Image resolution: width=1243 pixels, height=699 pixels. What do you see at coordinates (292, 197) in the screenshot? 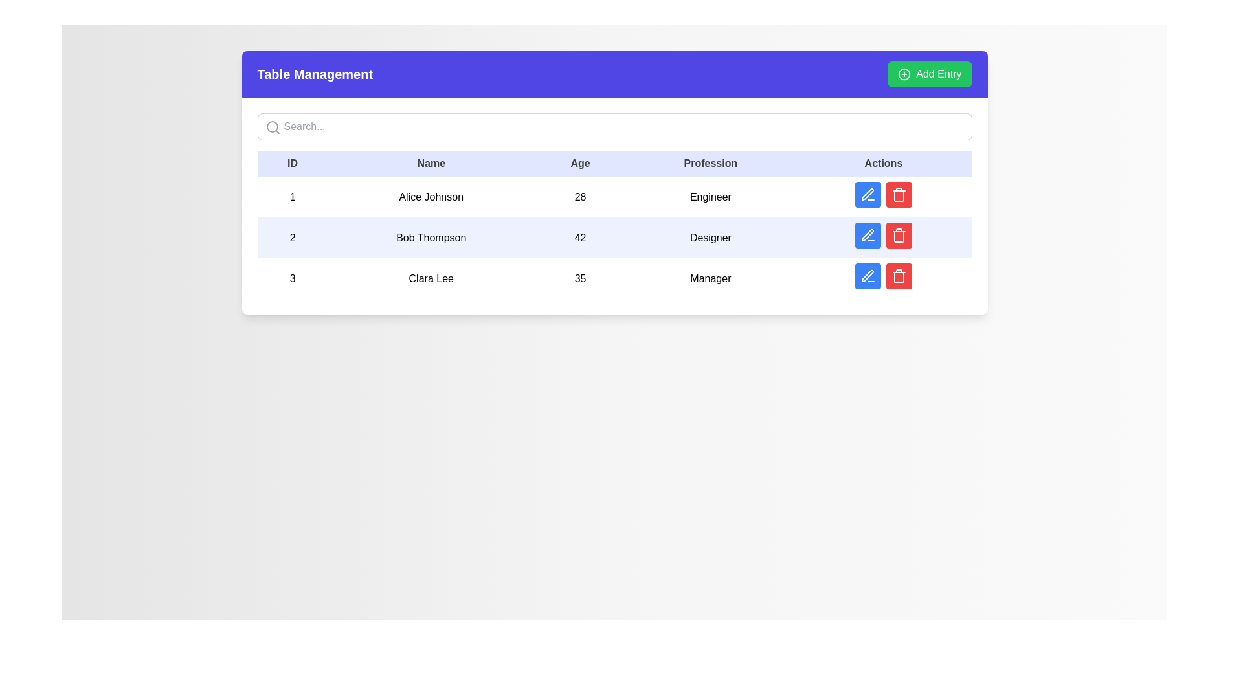
I see `the static text element displaying the number '1', which serves as the identifier for the first row in the data table` at bounding box center [292, 197].